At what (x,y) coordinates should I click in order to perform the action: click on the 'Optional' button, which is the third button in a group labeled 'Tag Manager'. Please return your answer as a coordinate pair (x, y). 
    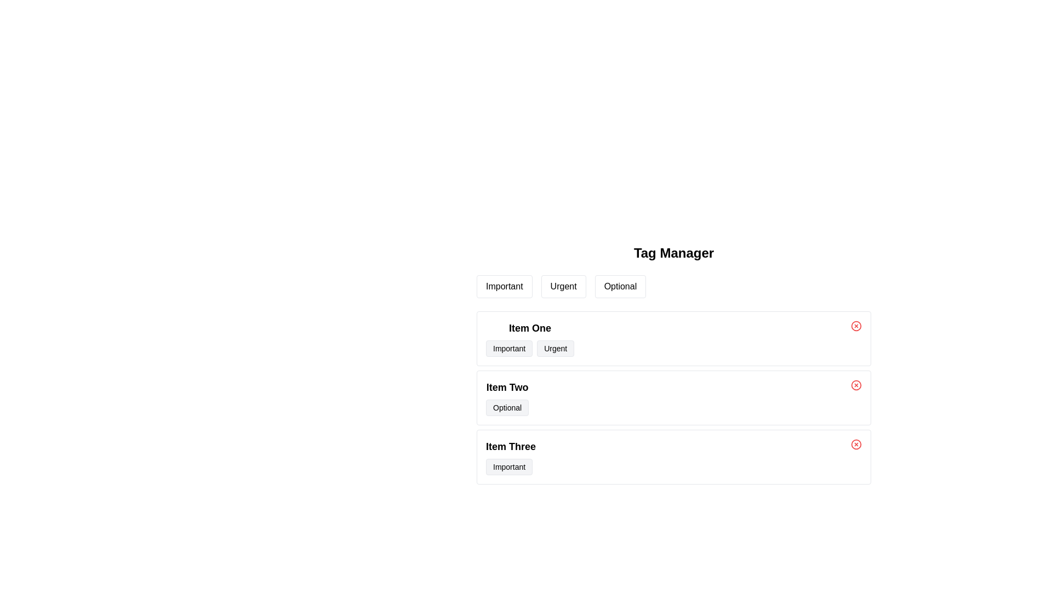
    Looking at the image, I should click on (620, 286).